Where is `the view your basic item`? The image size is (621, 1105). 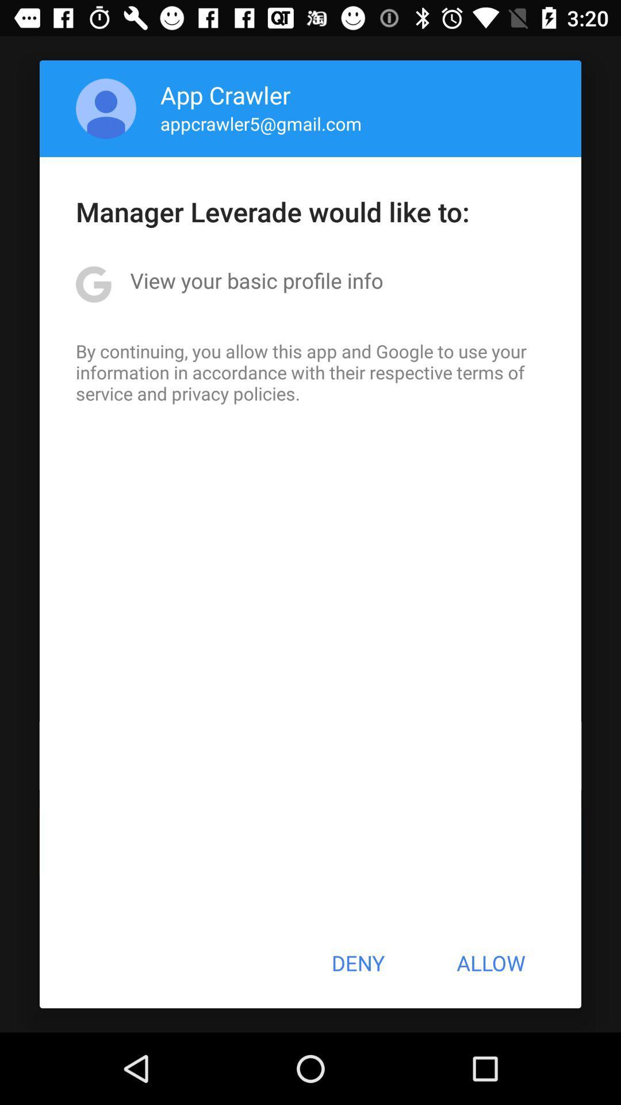 the view your basic item is located at coordinates (256, 280).